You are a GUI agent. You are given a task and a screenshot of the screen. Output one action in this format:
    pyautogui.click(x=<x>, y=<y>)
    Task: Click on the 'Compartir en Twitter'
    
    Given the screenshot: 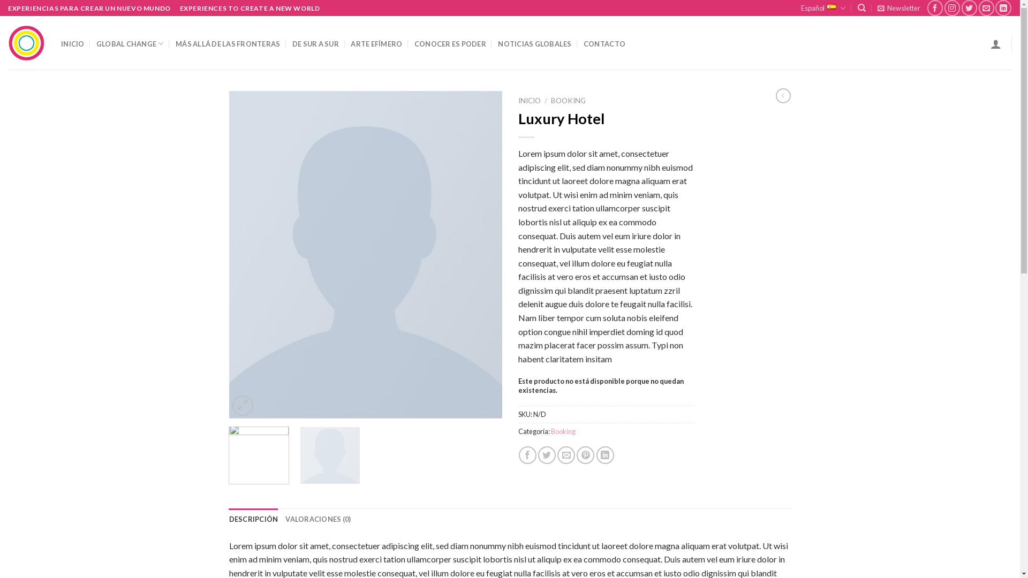 What is the action you would take?
    pyautogui.click(x=547, y=455)
    